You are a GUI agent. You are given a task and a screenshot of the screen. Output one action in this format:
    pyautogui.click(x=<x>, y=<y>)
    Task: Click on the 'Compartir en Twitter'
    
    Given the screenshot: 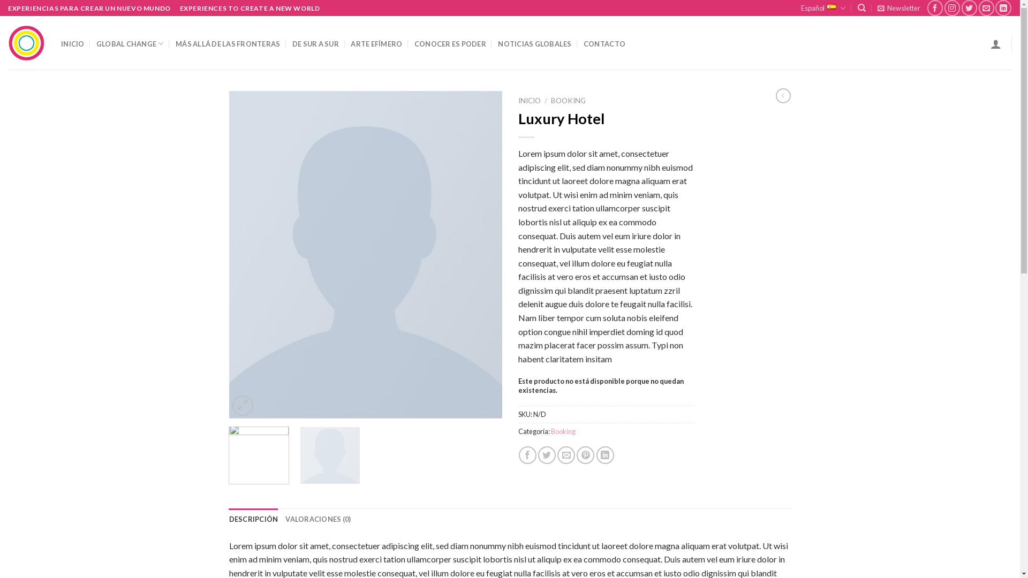 What is the action you would take?
    pyautogui.click(x=547, y=455)
    